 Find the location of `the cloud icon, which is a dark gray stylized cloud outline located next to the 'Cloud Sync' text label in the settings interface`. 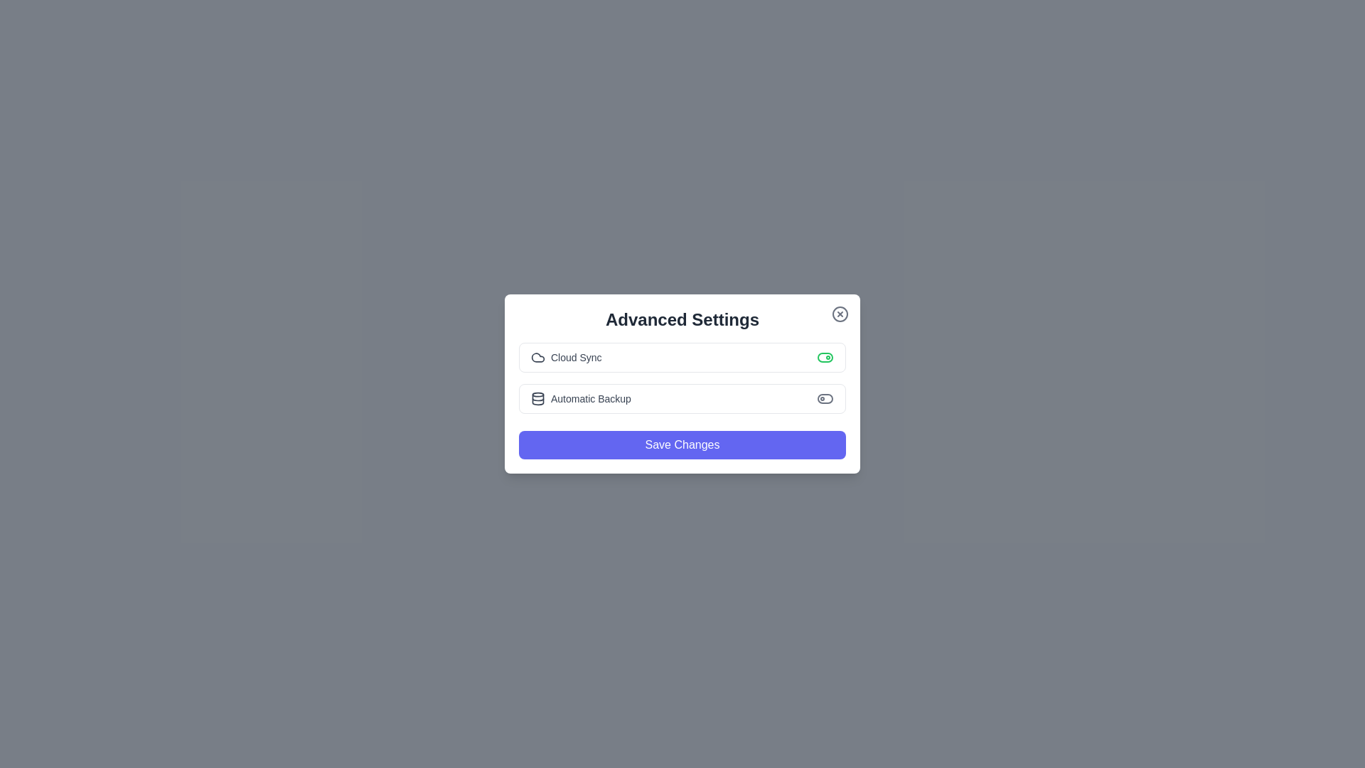

the cloud icon, which is a dark gray stylized cloud outline located next to the 'Cloud Sync' text label in the settings interface is located at coordinates (537, 356).